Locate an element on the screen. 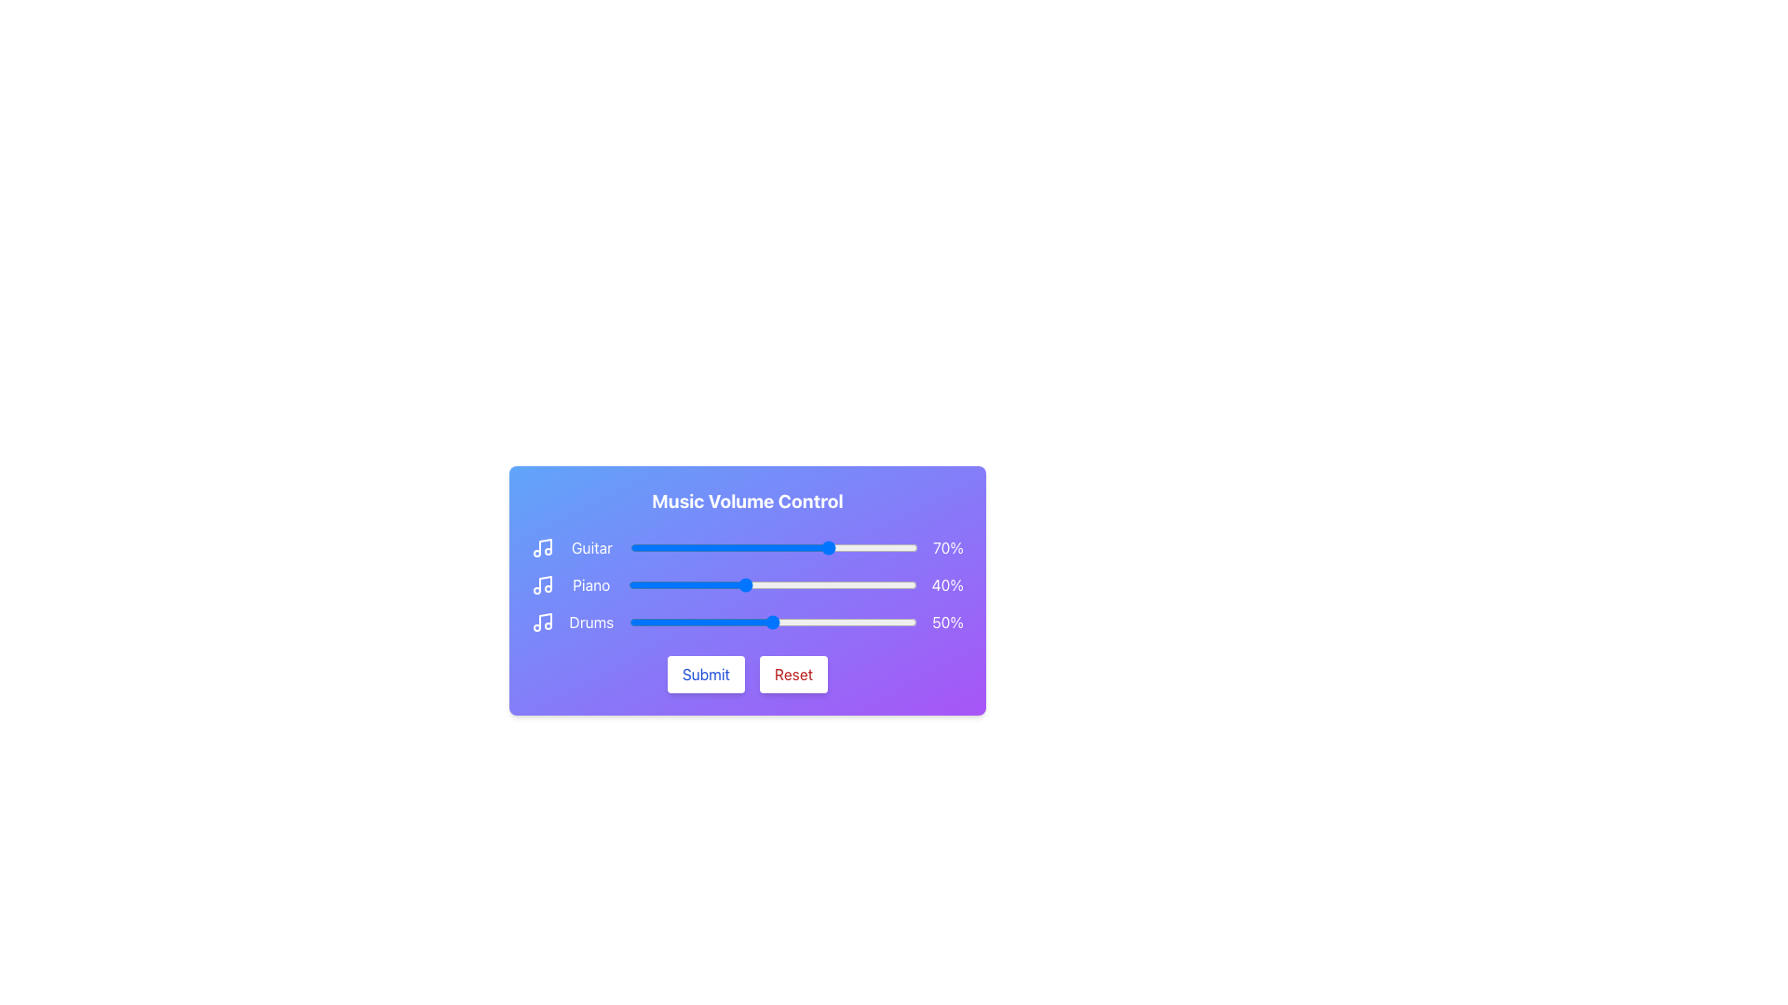  the text display showing '70%' which indicates the volume level of the Guitar, located at the far right of the volume control row is located at coordinates (948, 547).